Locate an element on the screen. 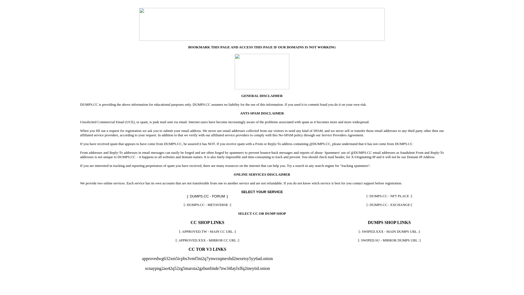 This screenshot has height=295, width=524. '[: DUMPS.CC - FORUM :]' is located at coordinates (207, 196).